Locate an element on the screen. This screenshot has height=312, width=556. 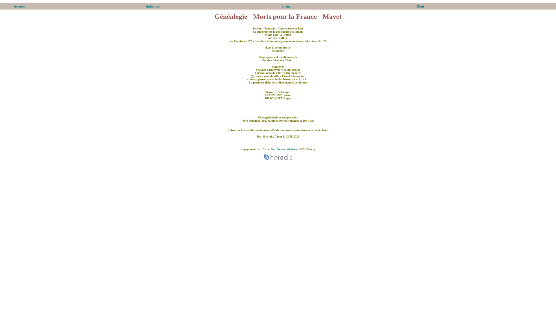
'Heredis pour Windows' is located at coordinates (284, 149).